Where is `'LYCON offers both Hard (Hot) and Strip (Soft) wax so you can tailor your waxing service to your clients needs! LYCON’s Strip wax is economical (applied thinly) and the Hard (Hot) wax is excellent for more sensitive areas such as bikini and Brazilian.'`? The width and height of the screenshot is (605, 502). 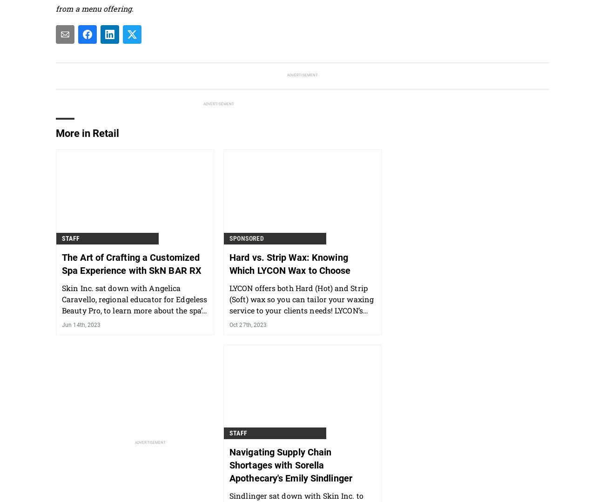 'LYCON offers both Hard (Hot) and Strip (Soft) wax so you can tailor your waxing service to your clients needs! LYCON’s Strip wax is economical (applied thinly) and the Hard (Hot) wax is excellent for more sensitive areas such as bikini and Brazilian.' is located at coordinates (302, 321).